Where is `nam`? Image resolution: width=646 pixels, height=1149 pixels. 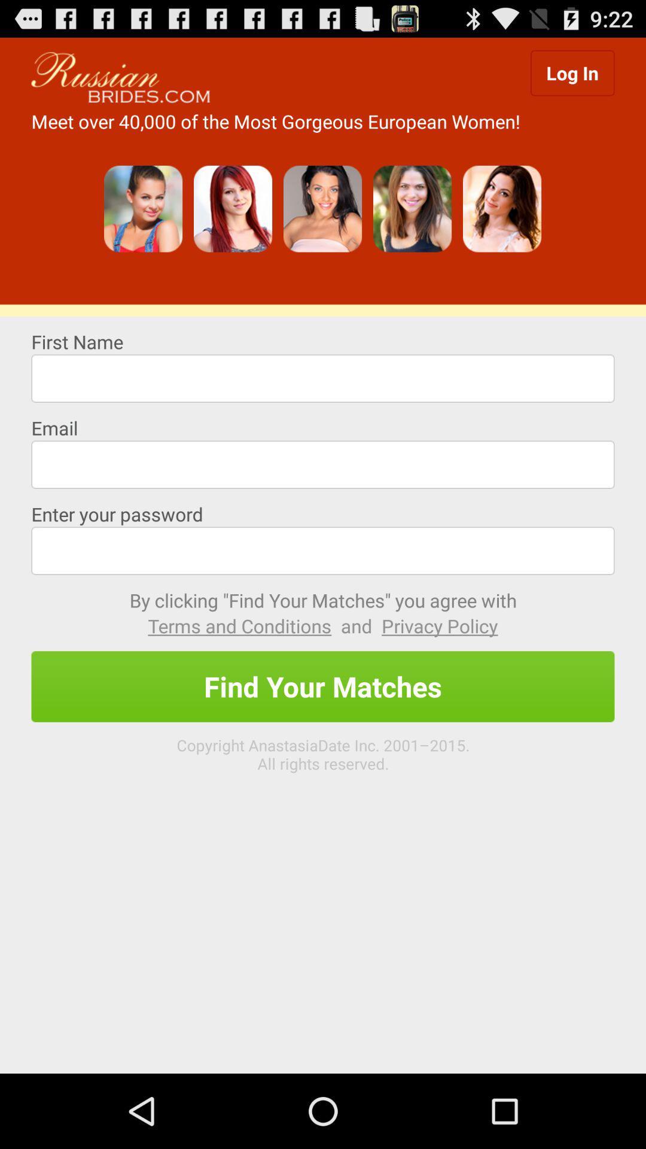
nam is located at coordinates (323, 378).